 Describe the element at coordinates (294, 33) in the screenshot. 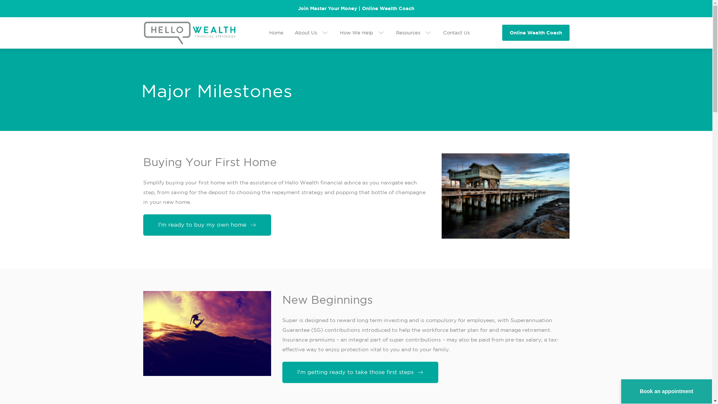

I see `'About Us'` at that location.